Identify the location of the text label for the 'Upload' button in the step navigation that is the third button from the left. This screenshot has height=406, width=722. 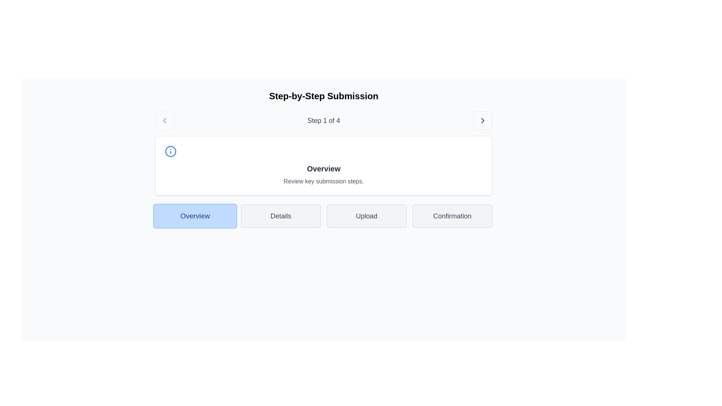
(366, 216).